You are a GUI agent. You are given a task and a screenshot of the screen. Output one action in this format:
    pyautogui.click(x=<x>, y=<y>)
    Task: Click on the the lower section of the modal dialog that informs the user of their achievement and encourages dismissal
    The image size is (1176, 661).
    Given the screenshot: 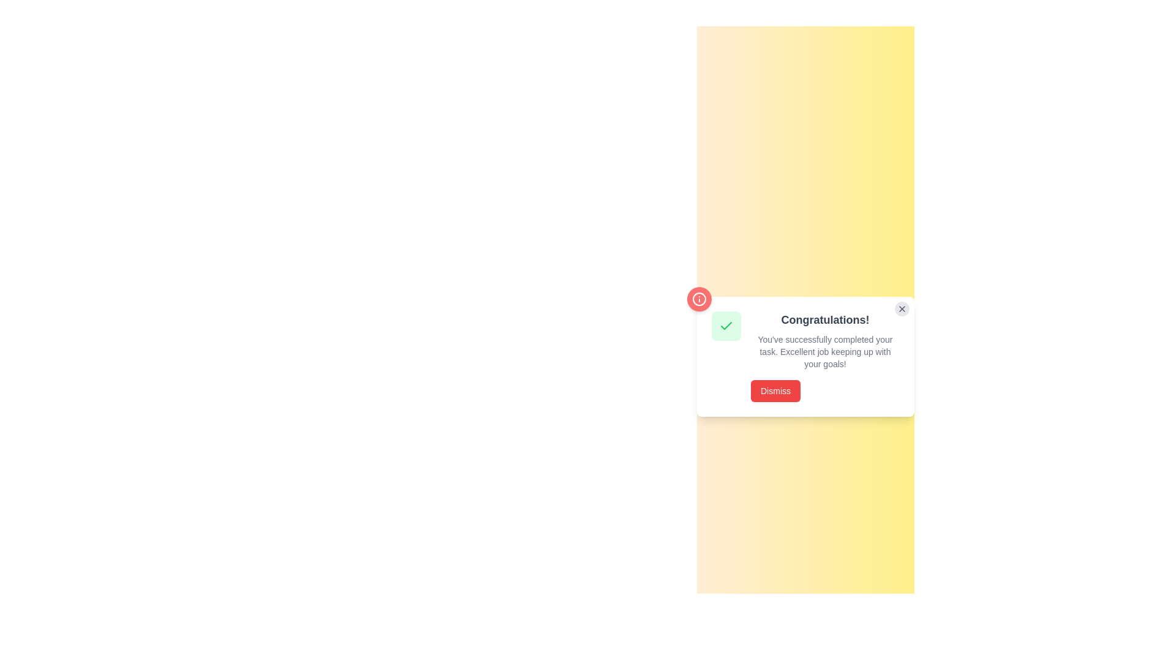 What is the action you would take?
    pyautogui.click(x=805, y=356)
    